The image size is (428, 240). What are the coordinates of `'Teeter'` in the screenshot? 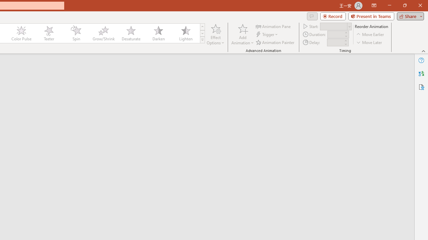 It's located at (48, 33).